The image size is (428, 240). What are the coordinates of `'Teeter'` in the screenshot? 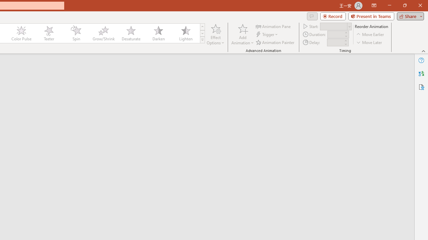 It's located at (48, 33).